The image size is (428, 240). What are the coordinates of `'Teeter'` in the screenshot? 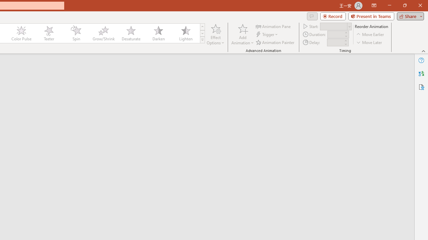 It's located at (48, 33).